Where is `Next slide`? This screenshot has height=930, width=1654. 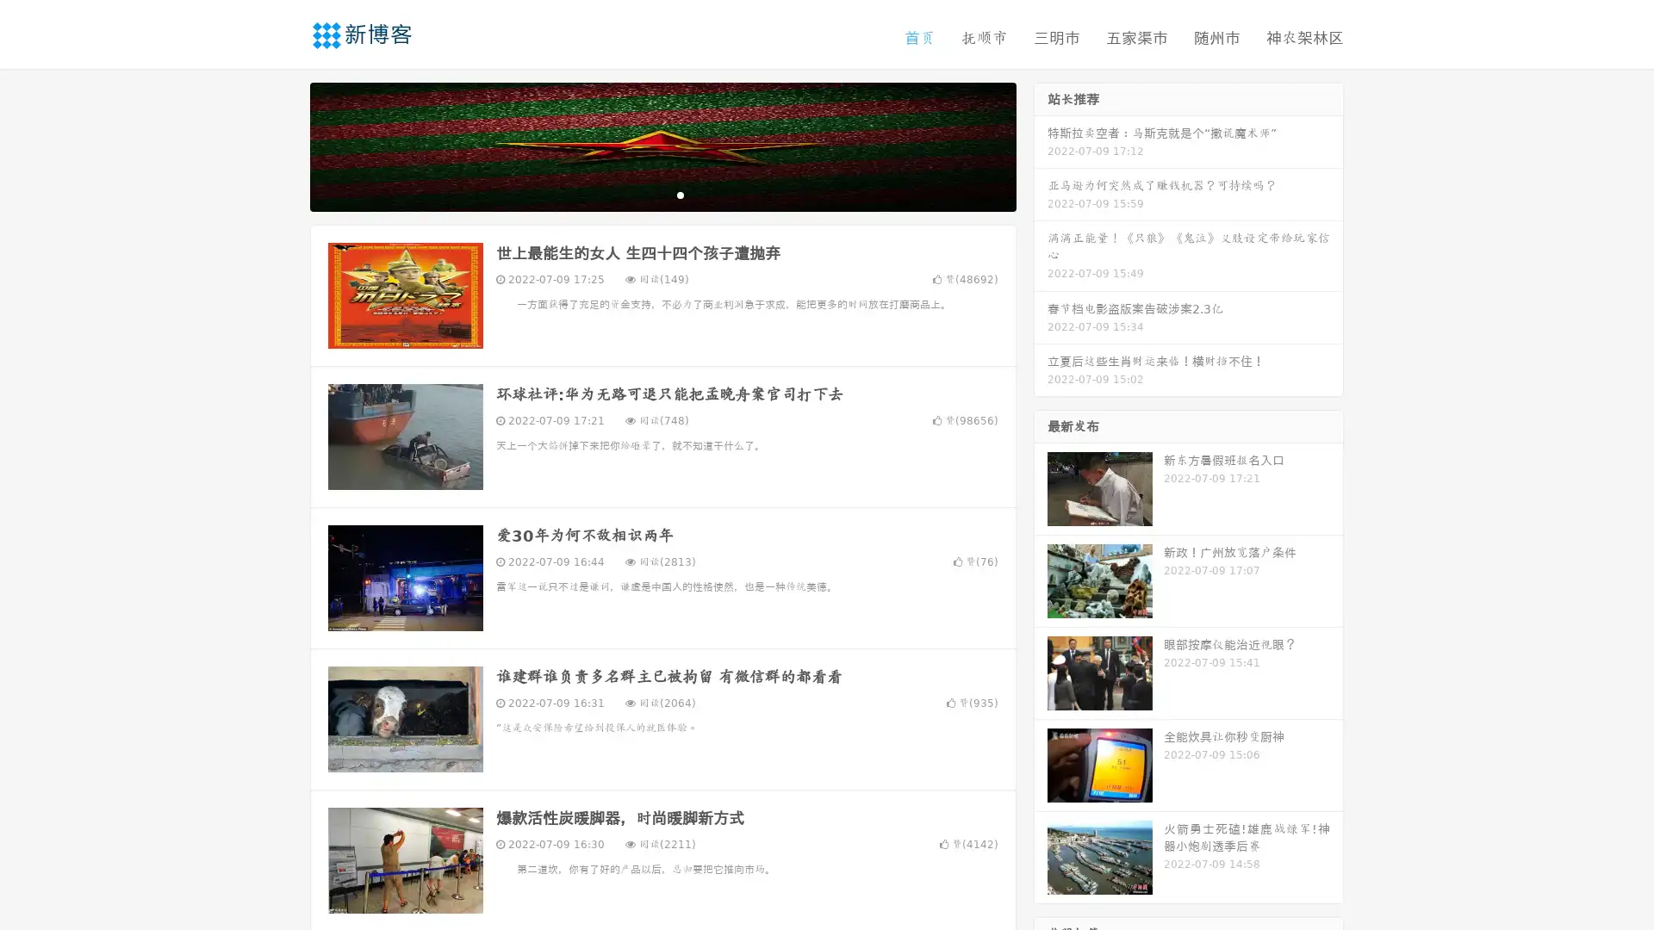 Next slide is located at coordinates (1041, 145).